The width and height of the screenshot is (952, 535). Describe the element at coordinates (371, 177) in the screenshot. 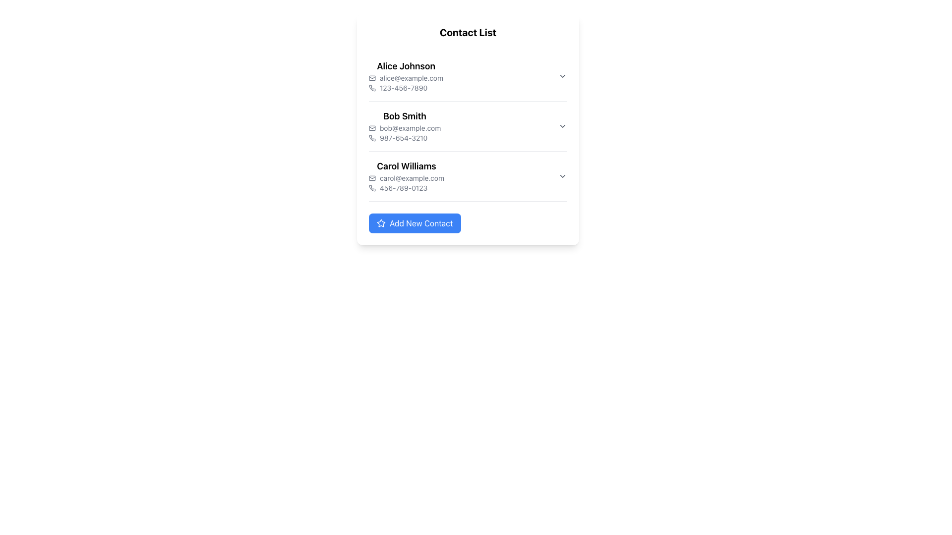

I see `the envelope icon representing the email for the contact 'Carol Williams' located in the third line of the contact list, adjacent to the email address 'carol@example.com'` at that location.